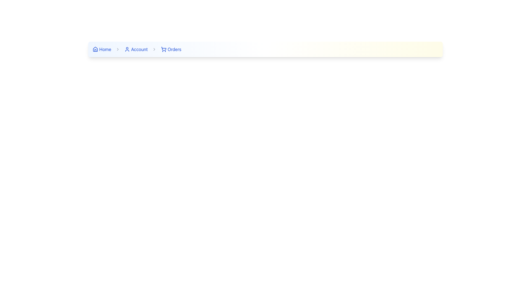  What do you see at coordinates (174, 49) in the screenshot?
I see `the breadcrumb navigation link labeled 'Orders'` at bounding box center [174, 49].